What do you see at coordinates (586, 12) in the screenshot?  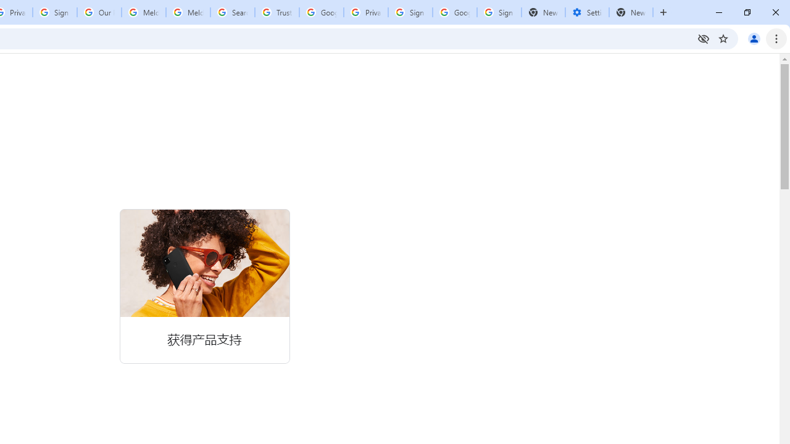 I see `'Settings - Addresses and more'` at bounding box center [586, 12].